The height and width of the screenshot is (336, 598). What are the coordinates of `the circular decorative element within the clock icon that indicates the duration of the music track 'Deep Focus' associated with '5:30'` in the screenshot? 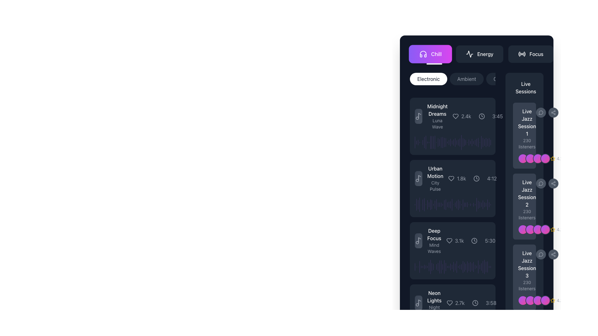 It's located at (474, 240).